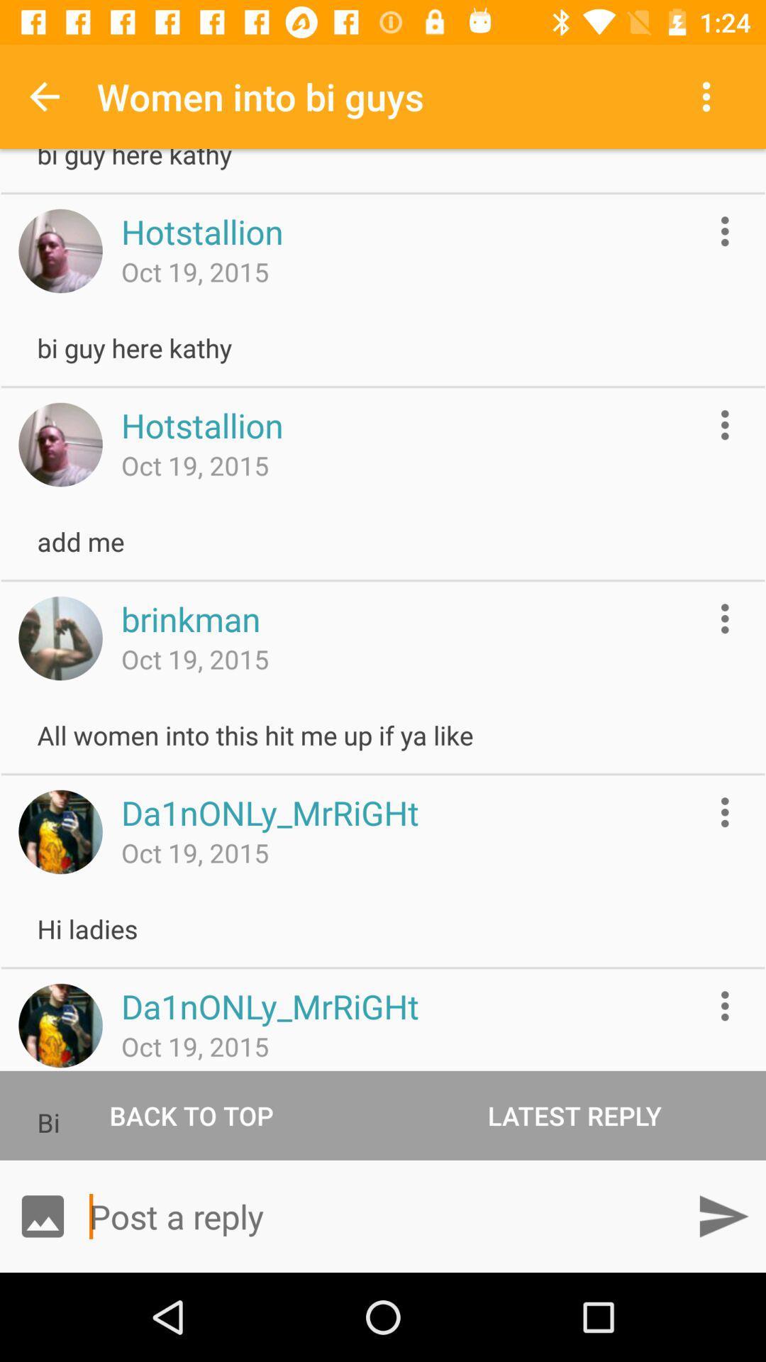 This screenshot has width=766, height=1362. What do you see at coordinates (710, 96) in the screenshot?
I see `the app to the right of the women into bi item` at bounding box center [710, 96].